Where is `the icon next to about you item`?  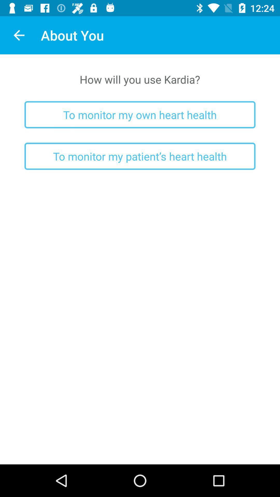
the icon next to about you item is located at coordinates (19, 35).